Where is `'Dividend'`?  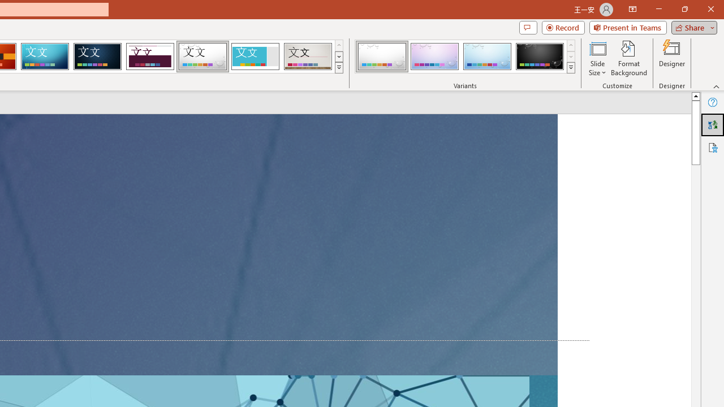
'Dividend' is located at coordinates (149, 57).